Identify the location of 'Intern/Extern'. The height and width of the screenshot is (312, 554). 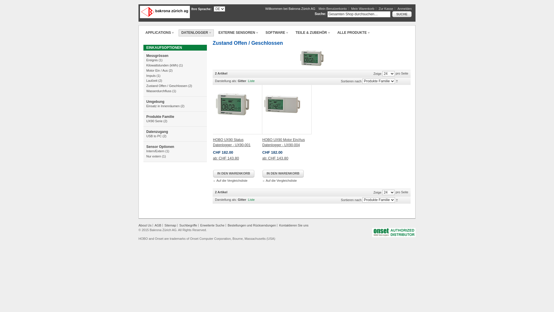
(155, 151).